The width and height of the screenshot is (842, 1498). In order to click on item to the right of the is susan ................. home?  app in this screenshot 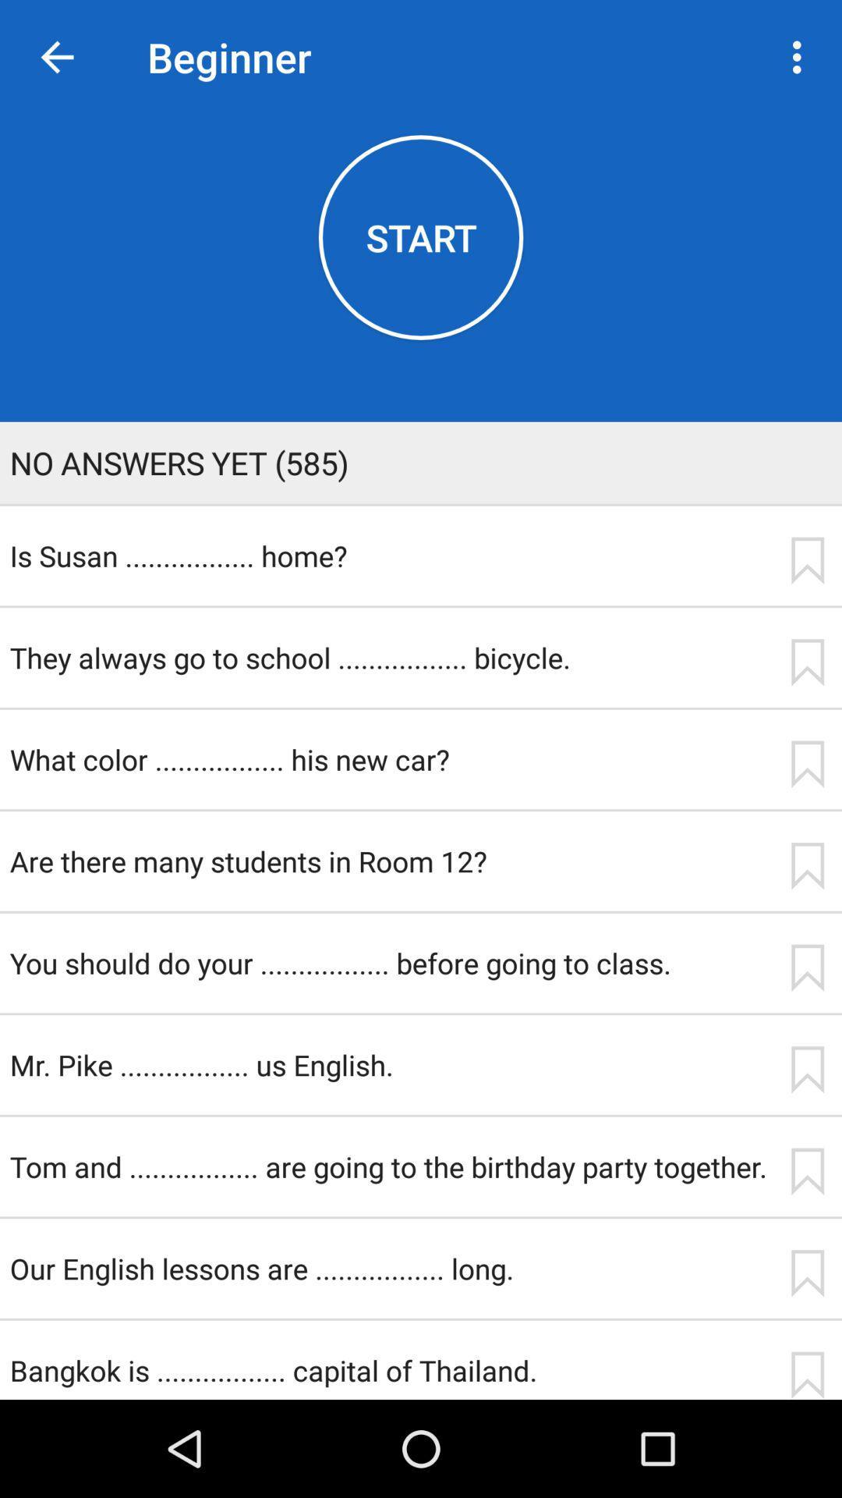, I will do `click(807, 560)`.